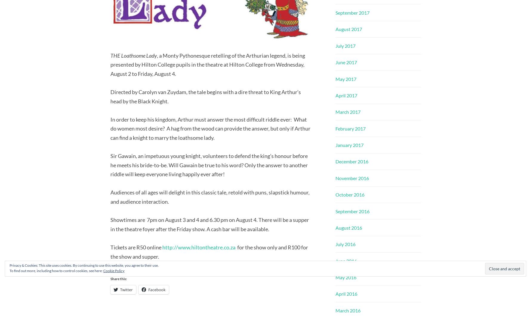 Image resolution: width=531 pixels, height=316 pixels. Describe the element at coordinates (56, 271) in the screenshot. I see `'To find out more, including how to control cookies, see here:'` at that location.